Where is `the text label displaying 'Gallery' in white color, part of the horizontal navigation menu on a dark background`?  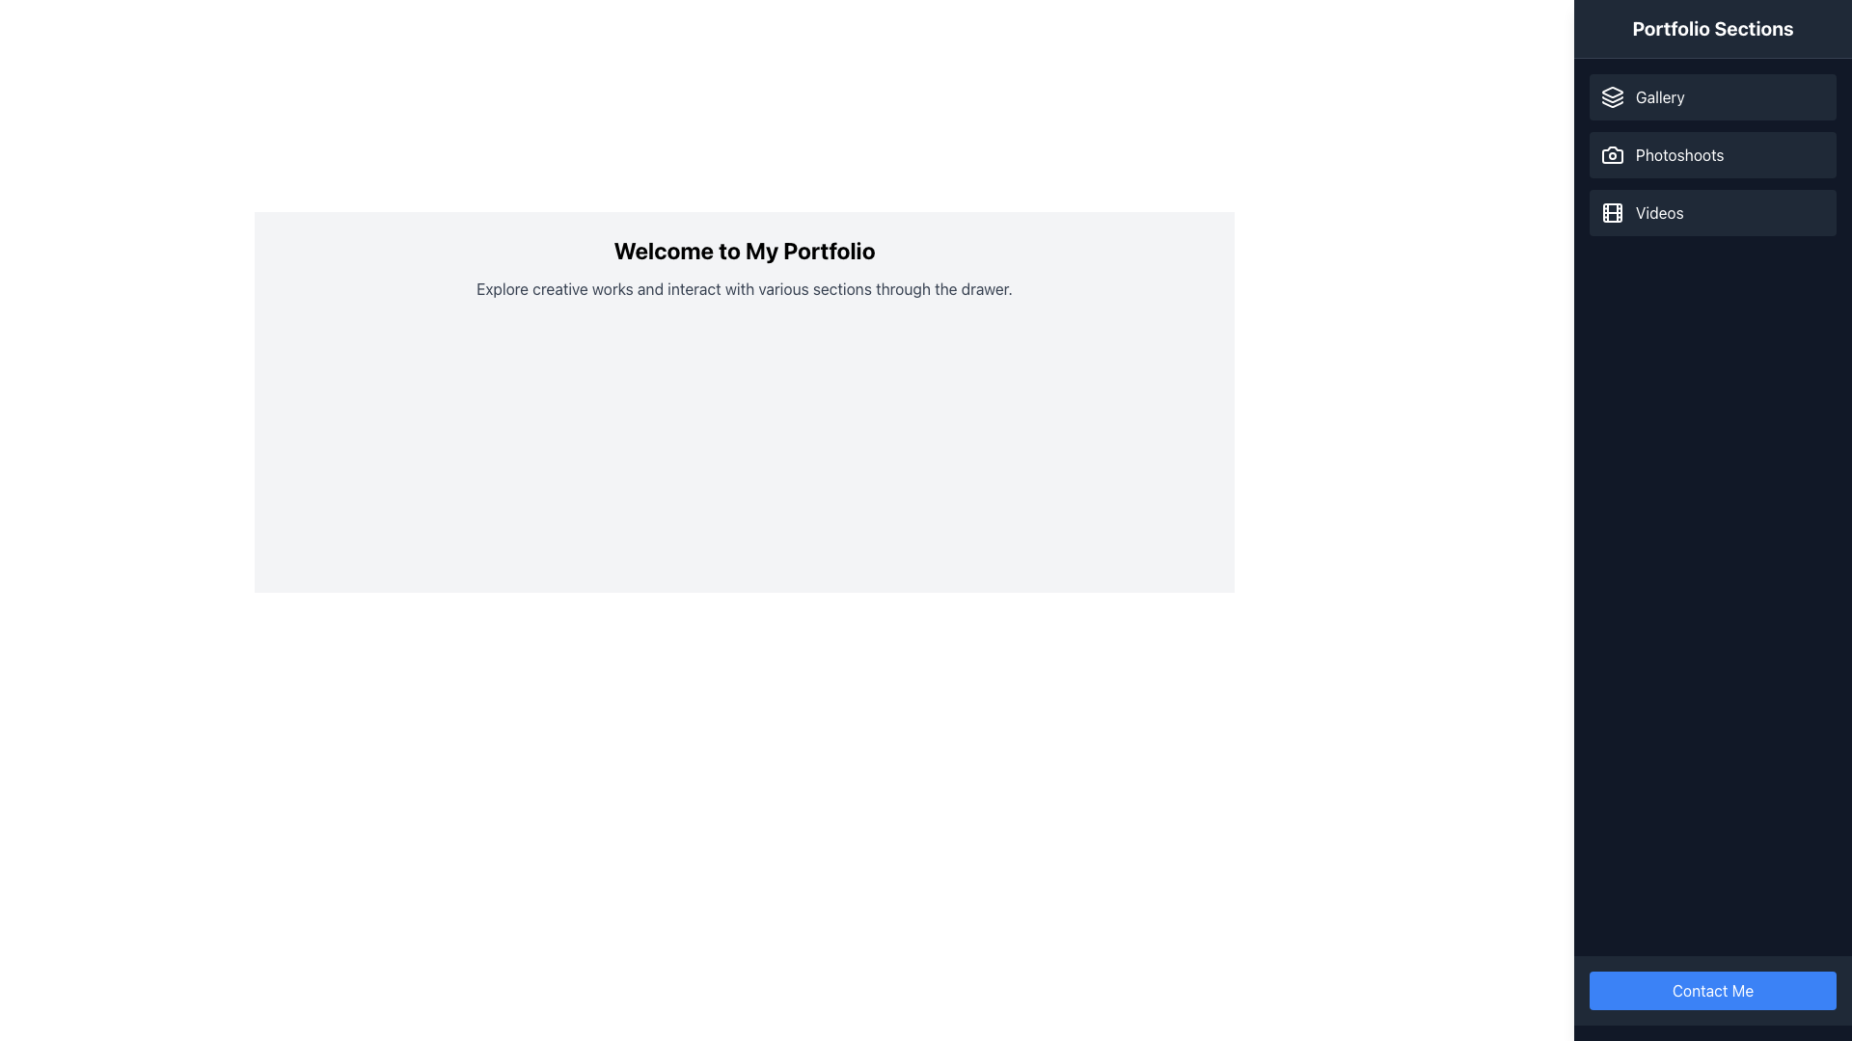
the text label displaying 'Gallery' in white color, part of the horizontal navigation menu on a dark background is located at coordinates (1659, 96).